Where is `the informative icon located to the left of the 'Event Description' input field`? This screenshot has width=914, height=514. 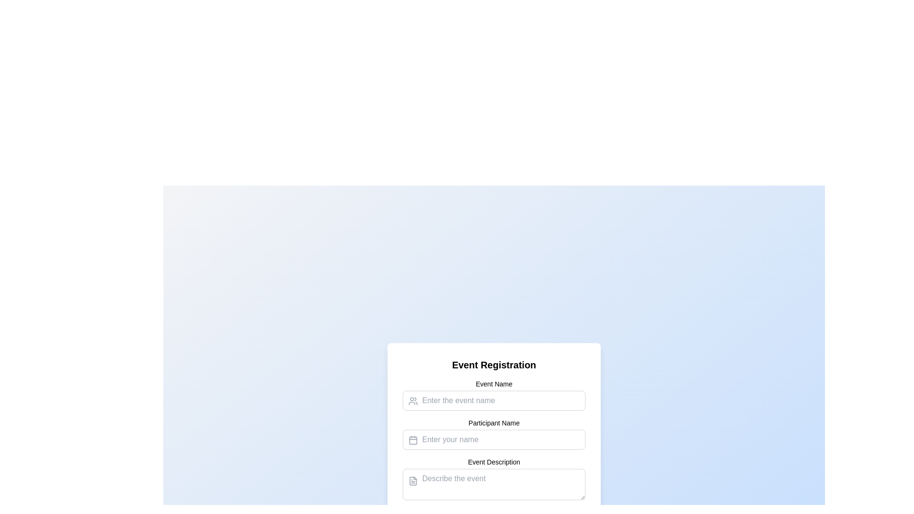
the informative icon located to the left of the 'Event Description' input field is located at coordinates (413, 481).